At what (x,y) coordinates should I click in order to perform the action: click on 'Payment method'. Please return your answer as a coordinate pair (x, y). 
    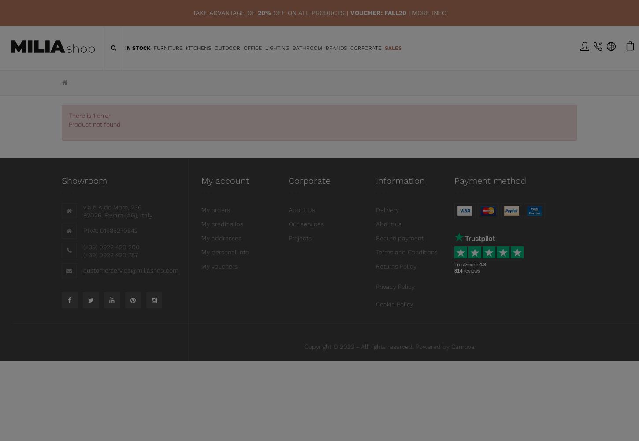
    Looking at the image, I should click on (490, 181).